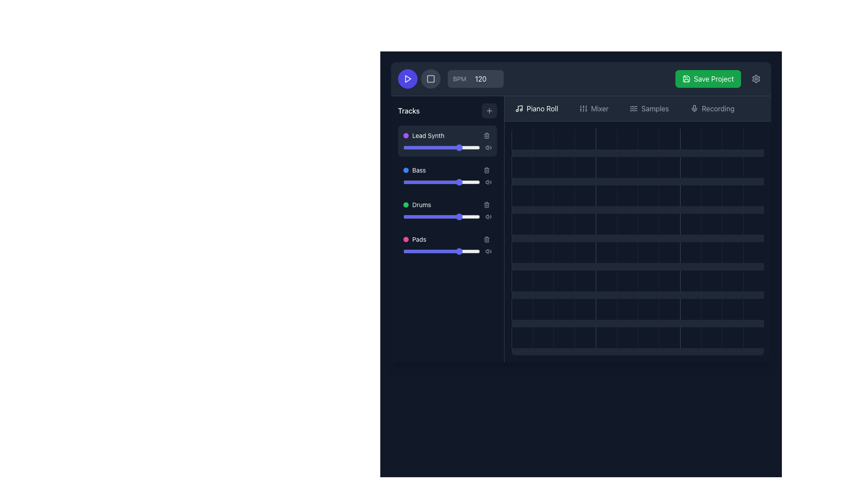 The width and height of the screenshot is (852, 479). What do you see at coordinates (606, 281) in the screenshot?
I see `the 5th square cell in the 5th row of the interactive grid, which is a dark gray cell with a lighter border that appears on hover` at bounding box center [606, 281].